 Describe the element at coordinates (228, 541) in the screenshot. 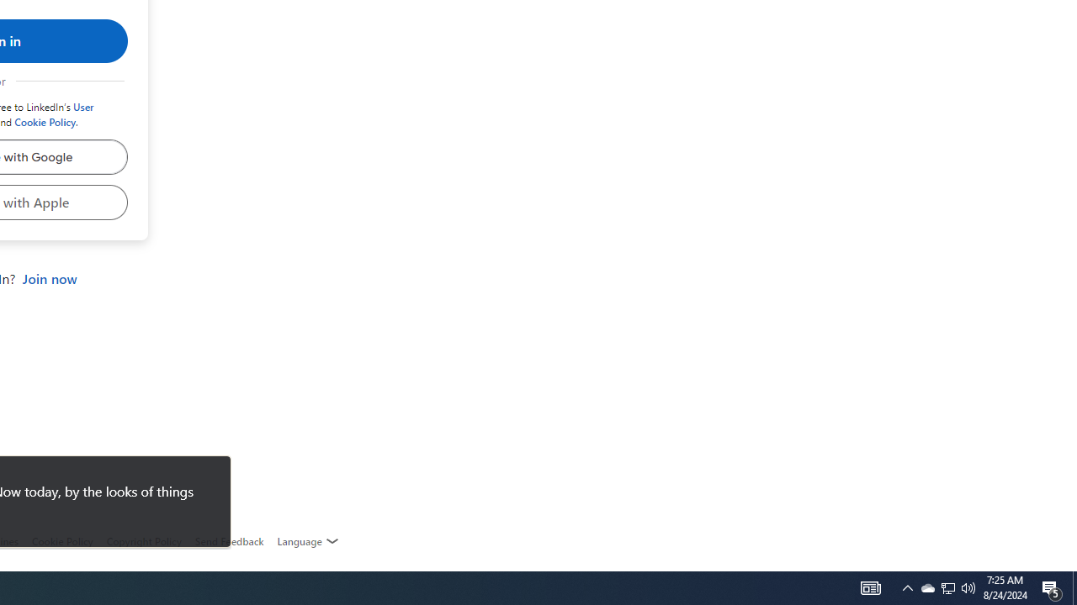

I see `'AutomationID: feedback-request'` at that location.